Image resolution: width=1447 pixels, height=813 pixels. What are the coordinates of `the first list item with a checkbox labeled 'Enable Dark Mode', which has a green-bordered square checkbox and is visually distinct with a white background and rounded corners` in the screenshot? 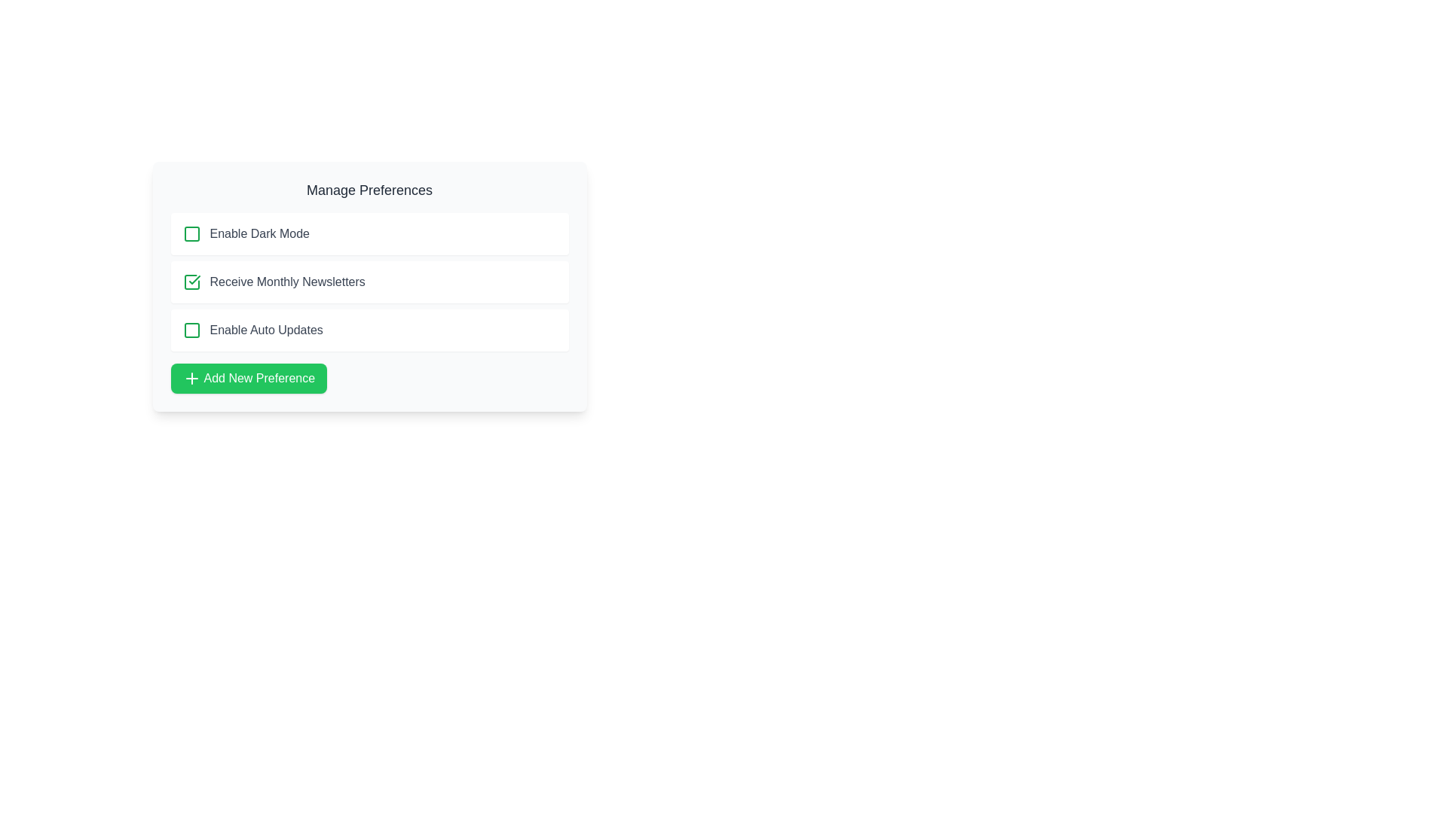 It's located at (369, 234).